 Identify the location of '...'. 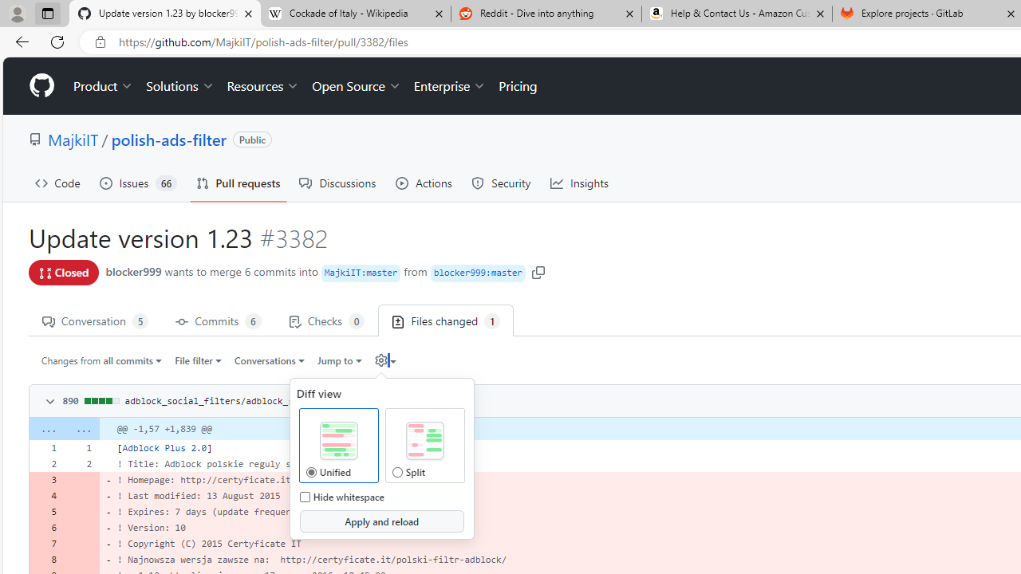
(81, 428).